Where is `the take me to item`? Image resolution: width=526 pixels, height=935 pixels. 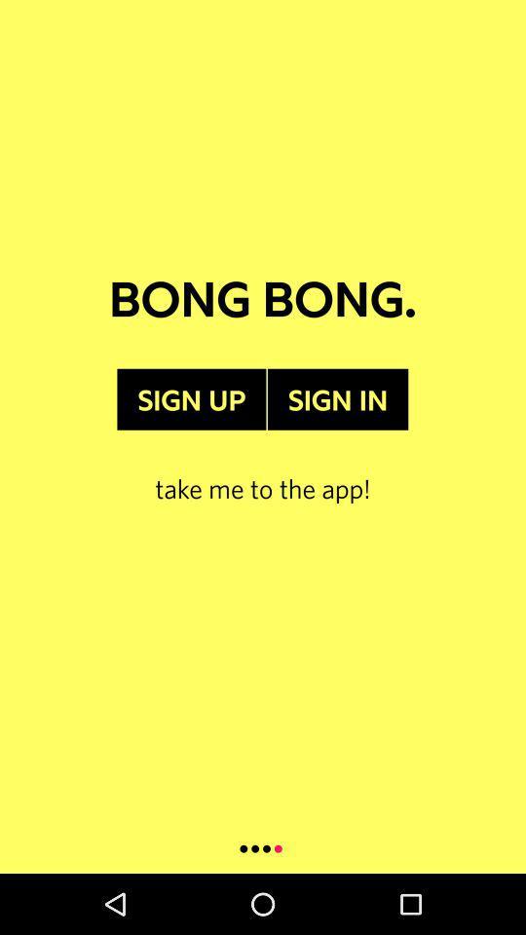
the take me to item is located at coordinates (263, 467).